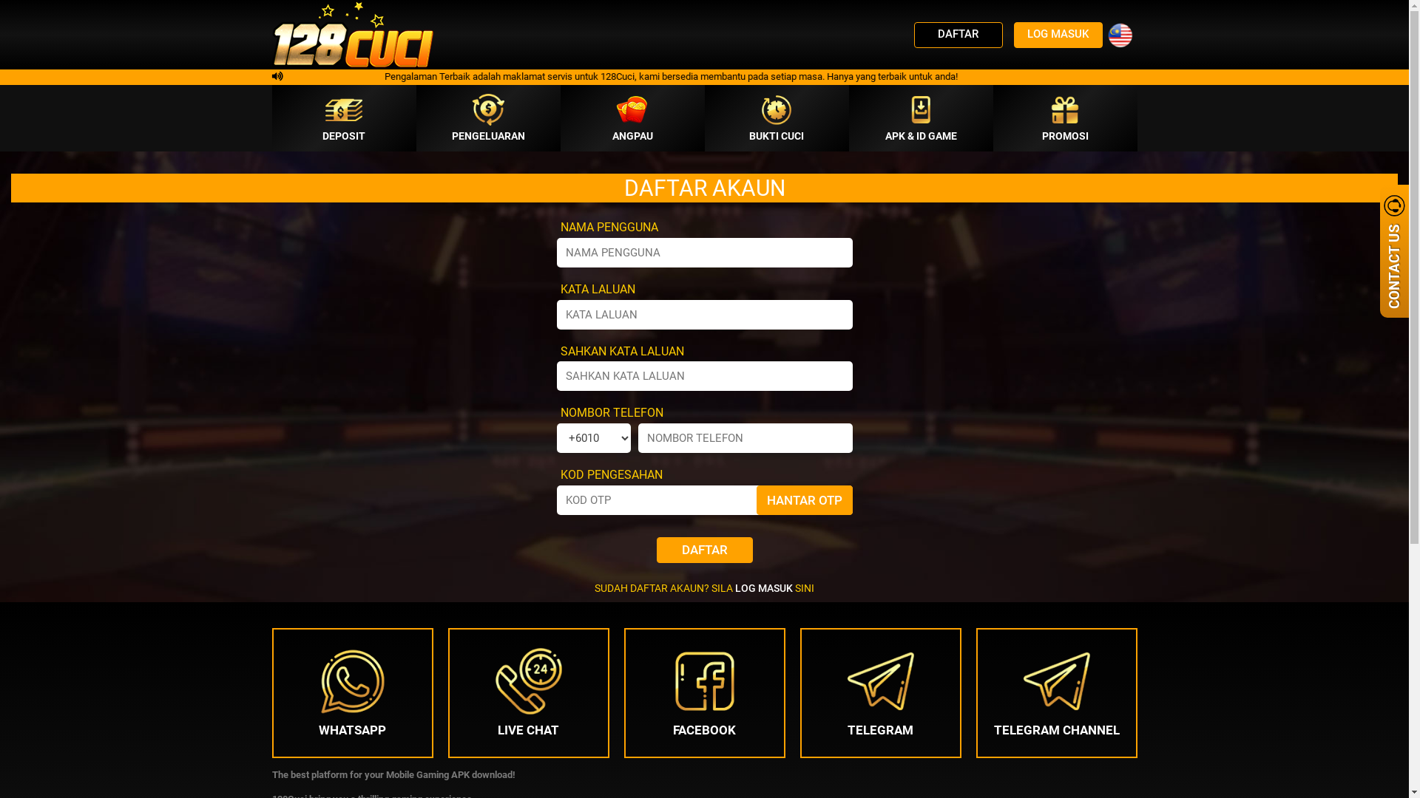  Describe the element at coordinates (1064, 117) in the screenshot. I see `'PROMOSI'` at that location.